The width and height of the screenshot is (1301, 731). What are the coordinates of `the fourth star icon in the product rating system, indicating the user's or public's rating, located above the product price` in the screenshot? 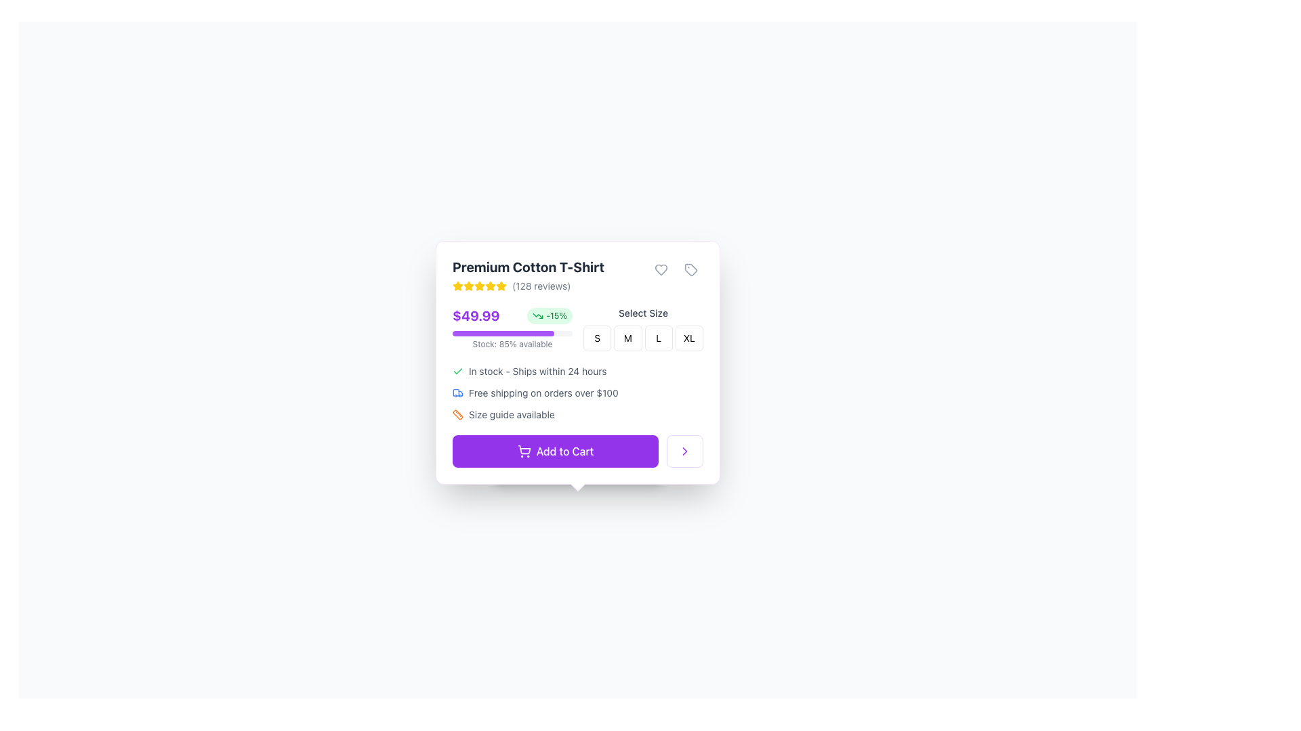 It's located at (480, 286).